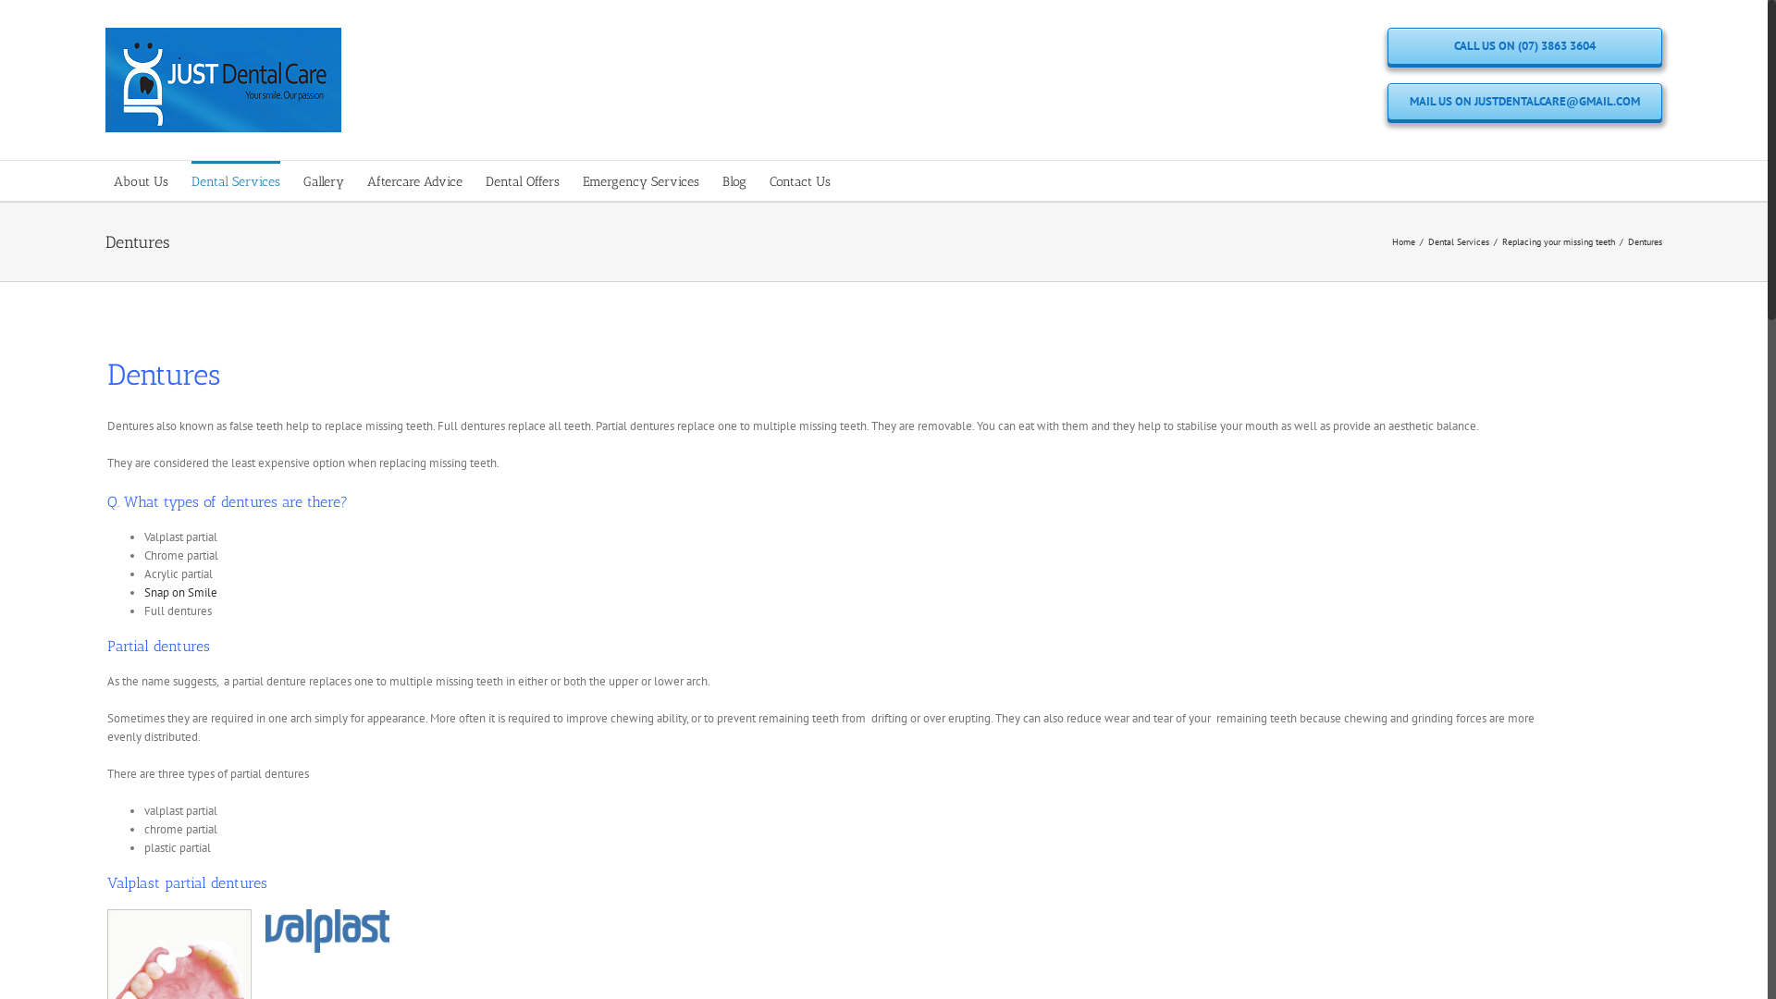 This screenshot has width=1776, height=999. Describe the element at coordinates (1403, 240) in the screenshot. I see `'Home'` at that location.